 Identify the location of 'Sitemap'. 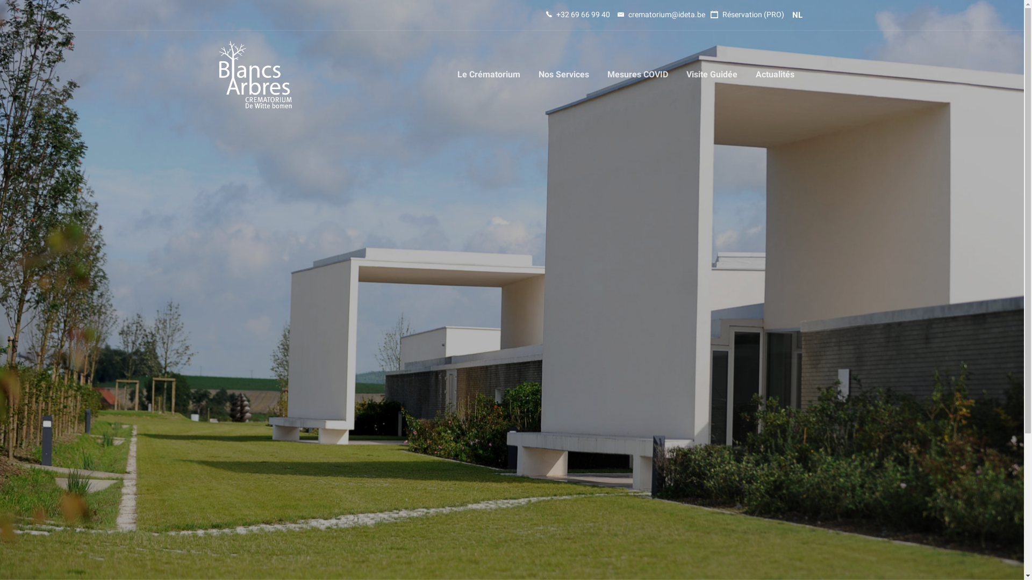
(535, 498).